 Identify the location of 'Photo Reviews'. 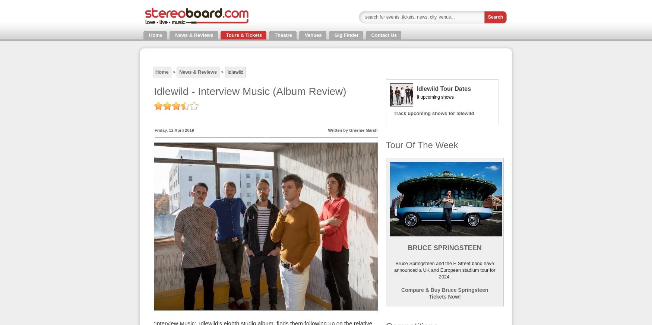
(42, 27).